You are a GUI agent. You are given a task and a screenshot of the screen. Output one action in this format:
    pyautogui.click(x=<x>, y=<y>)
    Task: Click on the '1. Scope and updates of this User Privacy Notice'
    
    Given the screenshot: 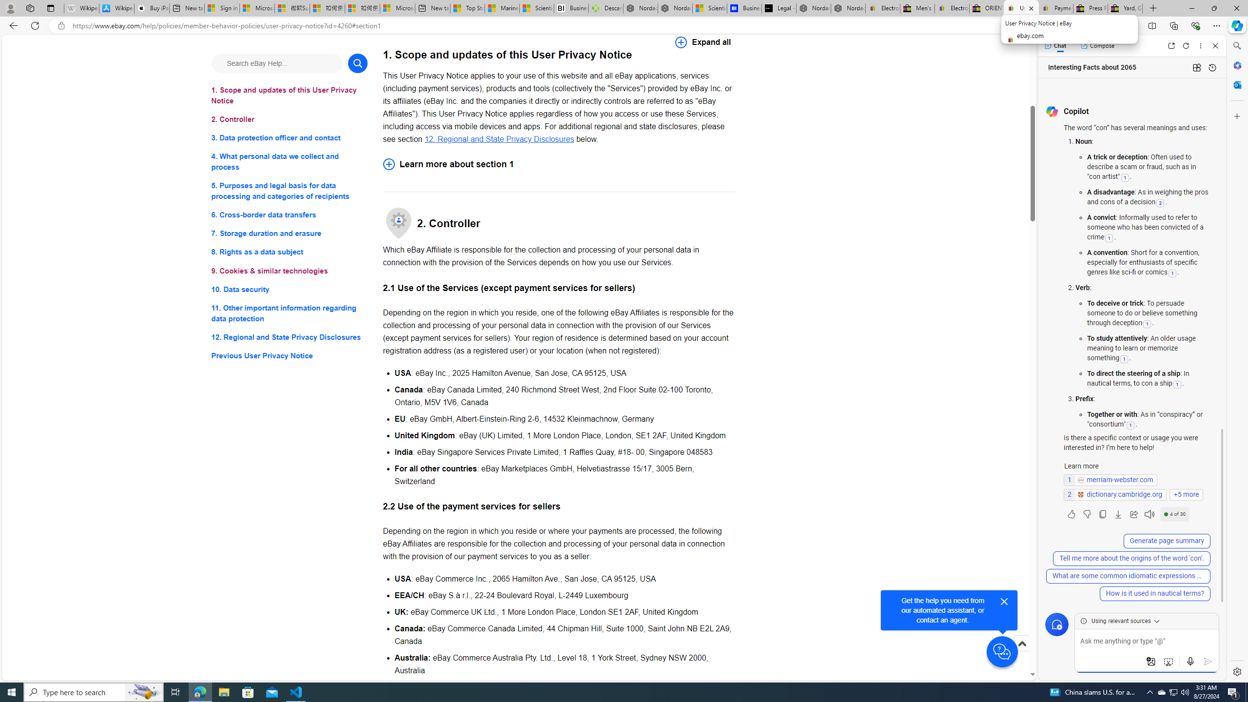 What is the action you would take?
    pyautogui.click(x=289, y=95)
    